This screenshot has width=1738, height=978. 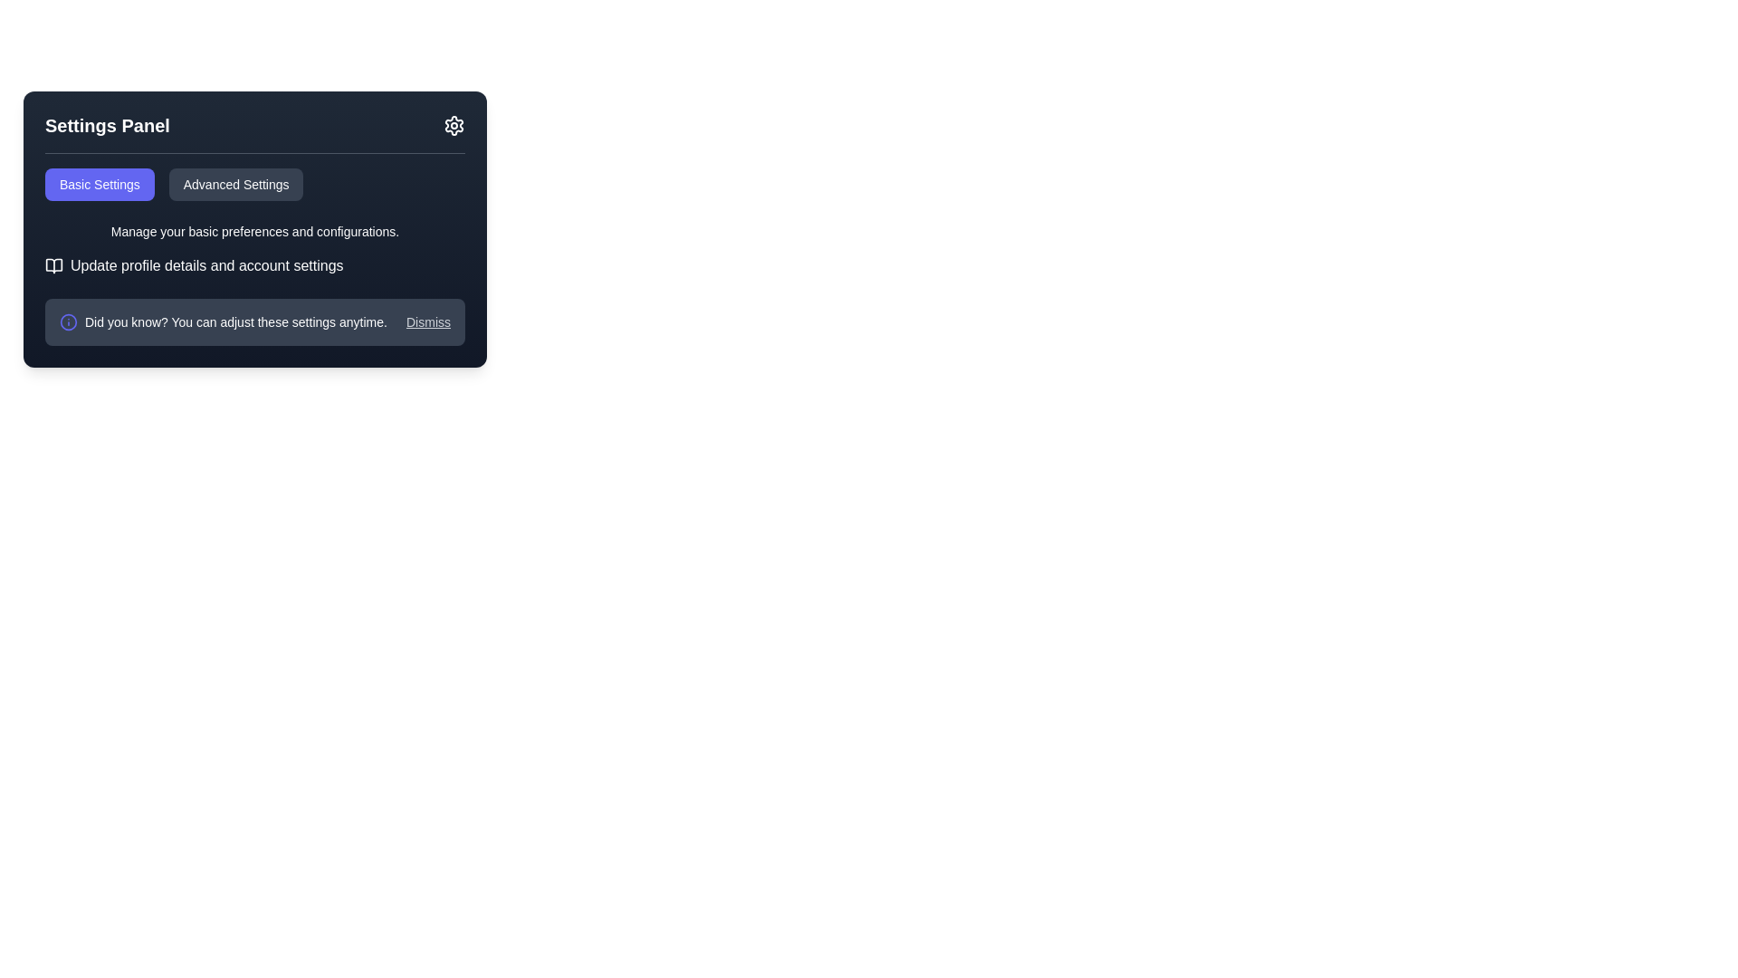 I want to click on the open book SVG icon located to the left of the text 'Update profile details and account settings' in the 'Settings Panel' section, so click(x=53, y=265).